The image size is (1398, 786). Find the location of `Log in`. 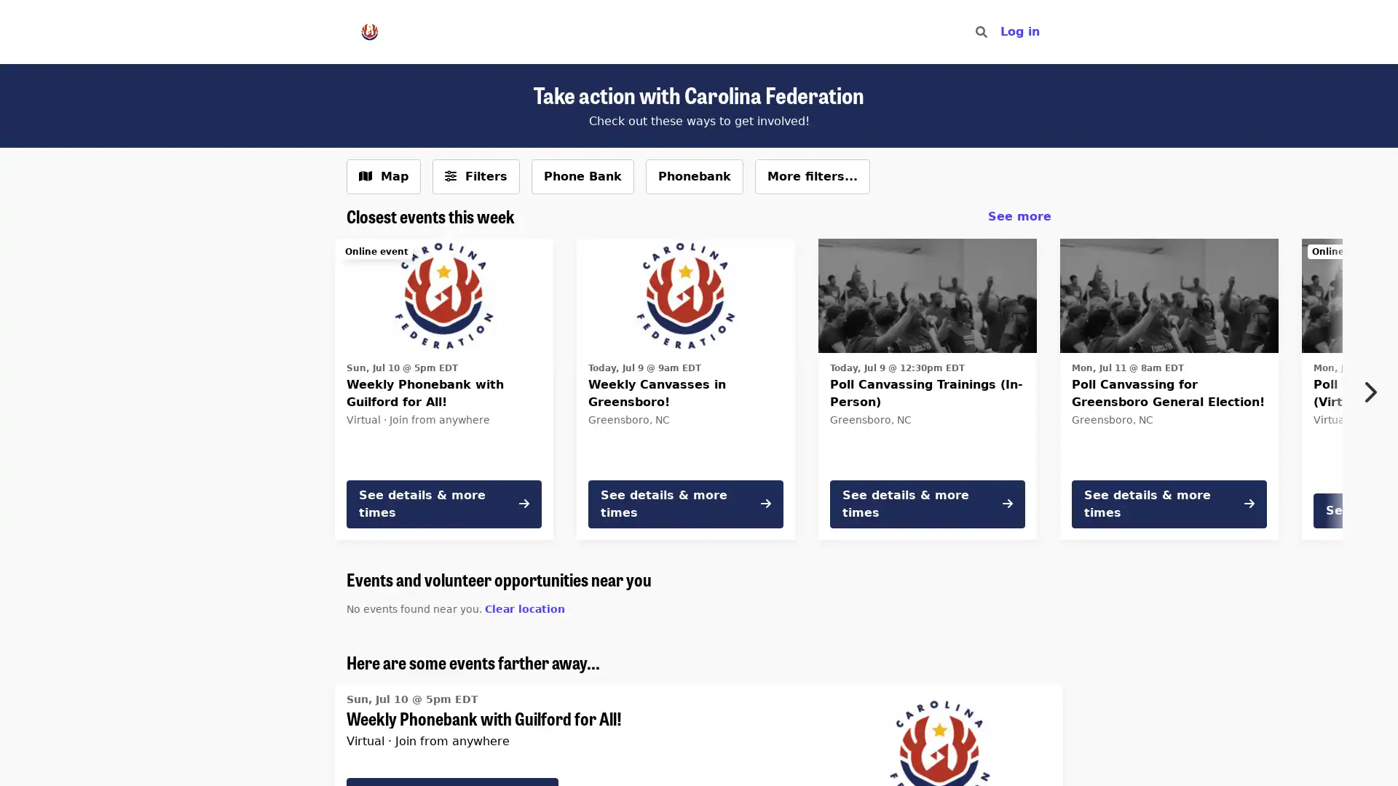

Log in is located at coordinates (1019, 31).